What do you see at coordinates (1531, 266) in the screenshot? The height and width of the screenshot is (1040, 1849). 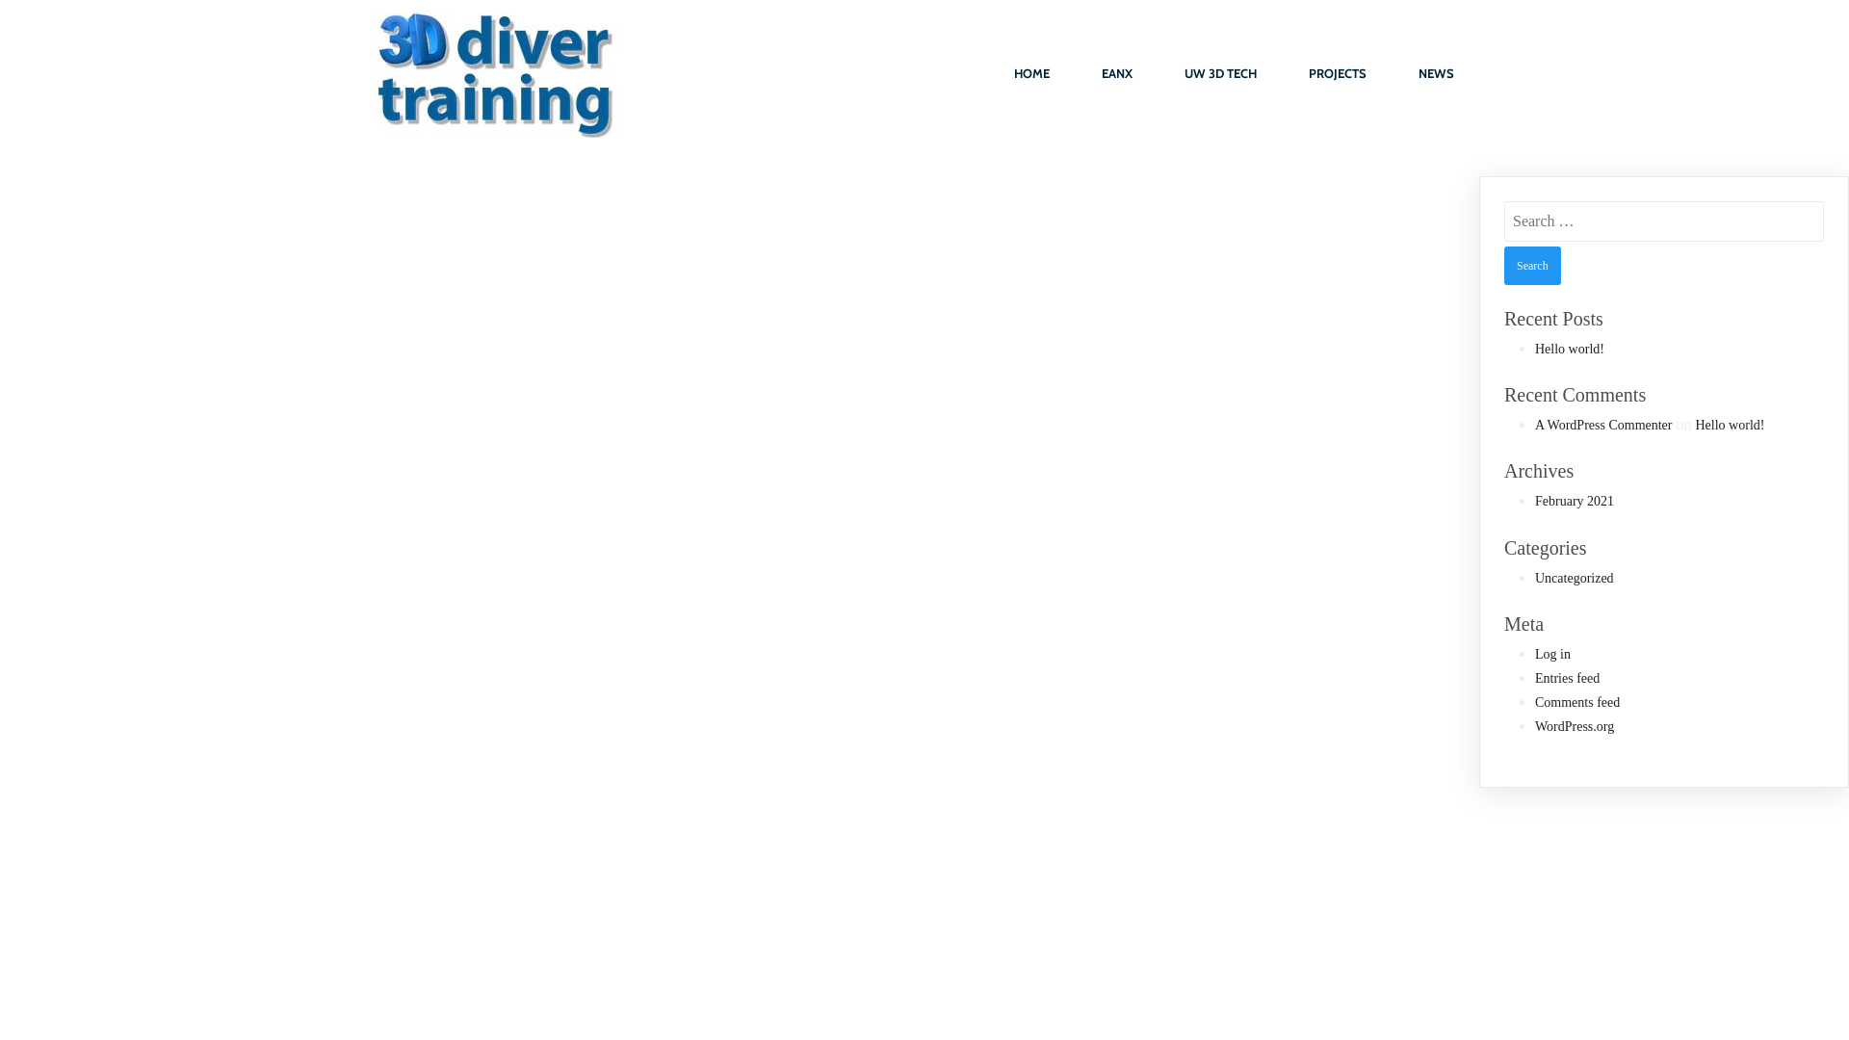 I see `'Search'` at bounding box center [1531, 266].